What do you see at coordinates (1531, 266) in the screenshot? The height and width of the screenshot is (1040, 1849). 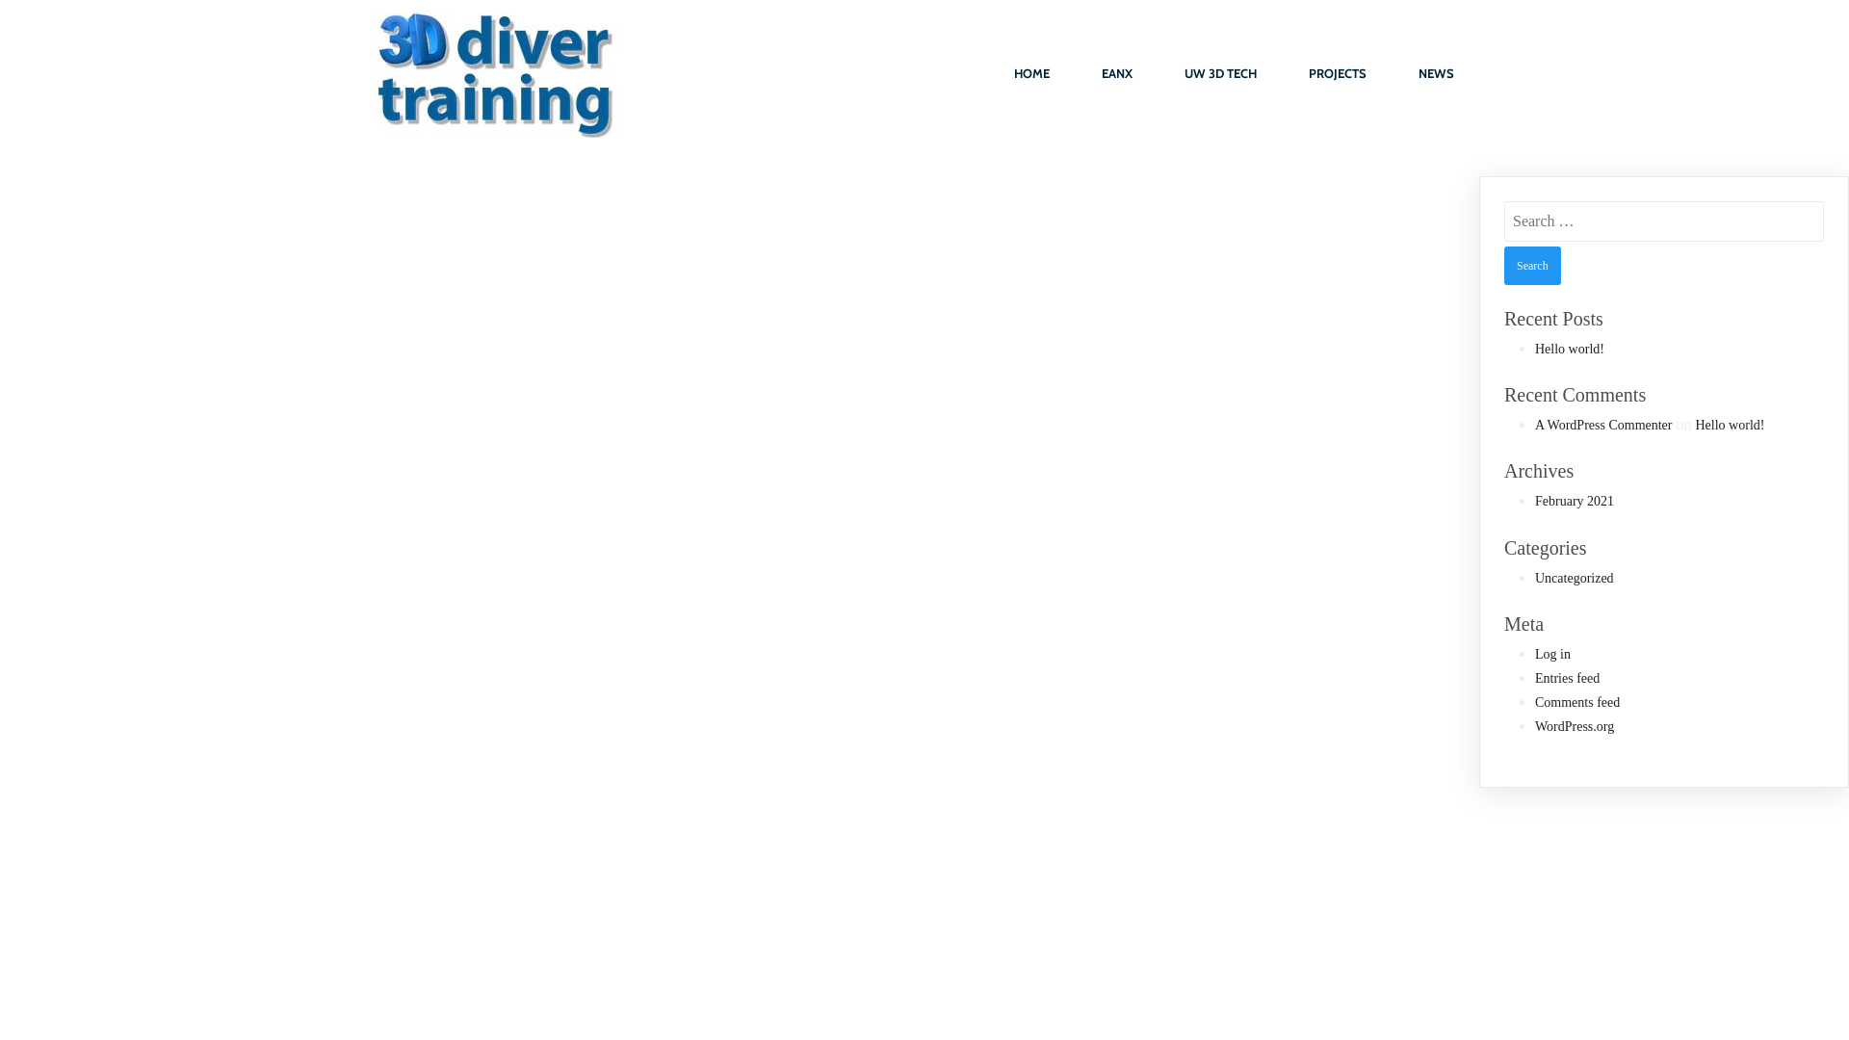 I see `'Search'` at bounding box center [1531, 266].